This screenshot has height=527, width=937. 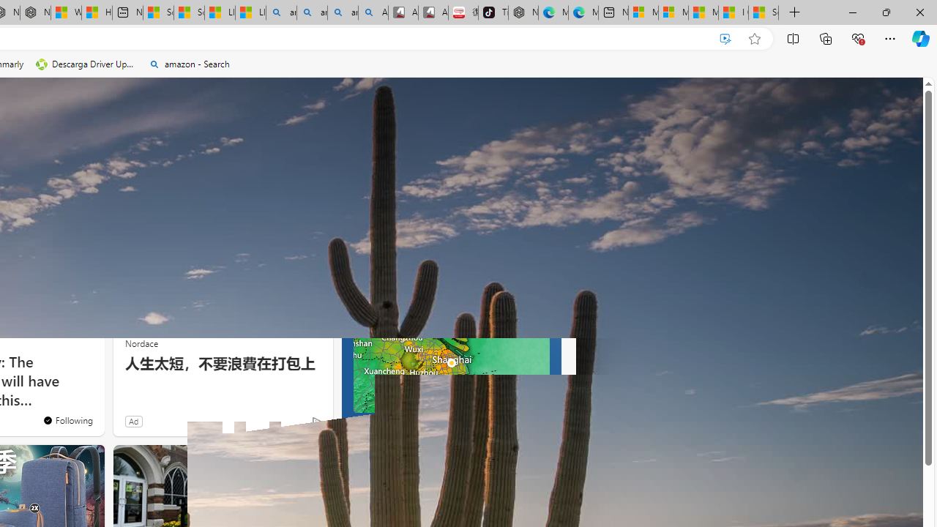 I want to click on 'Health', so click(x=25, y=194).